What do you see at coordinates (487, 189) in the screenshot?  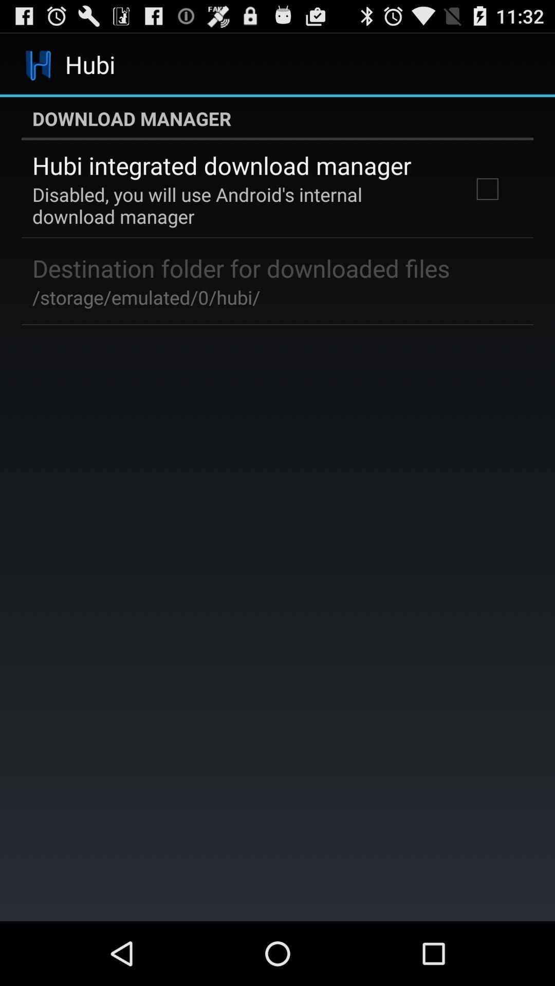 I see `item at the top right corner` at bounding box center [487, 189].